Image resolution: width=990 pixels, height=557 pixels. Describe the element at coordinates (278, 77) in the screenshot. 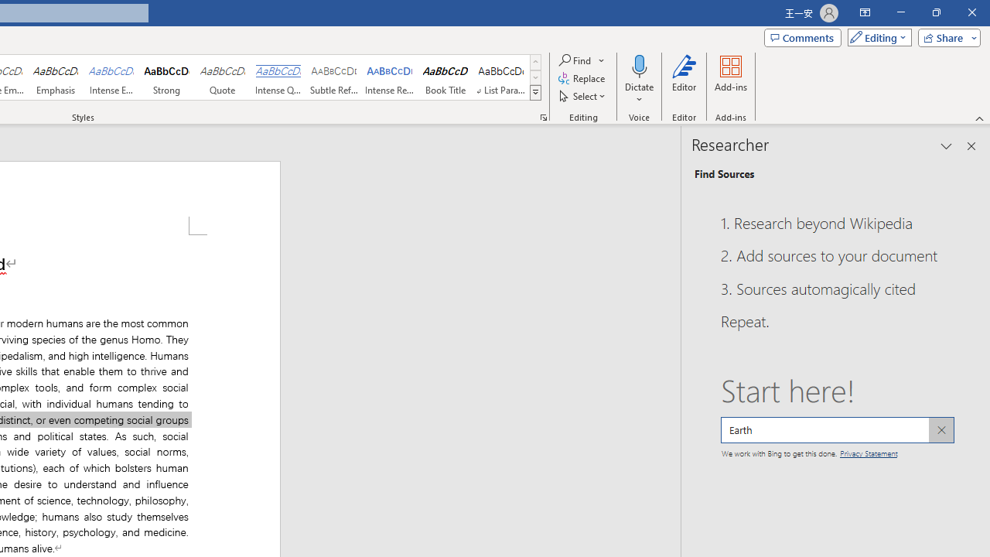

I see `'Intense Quote'` at that location.